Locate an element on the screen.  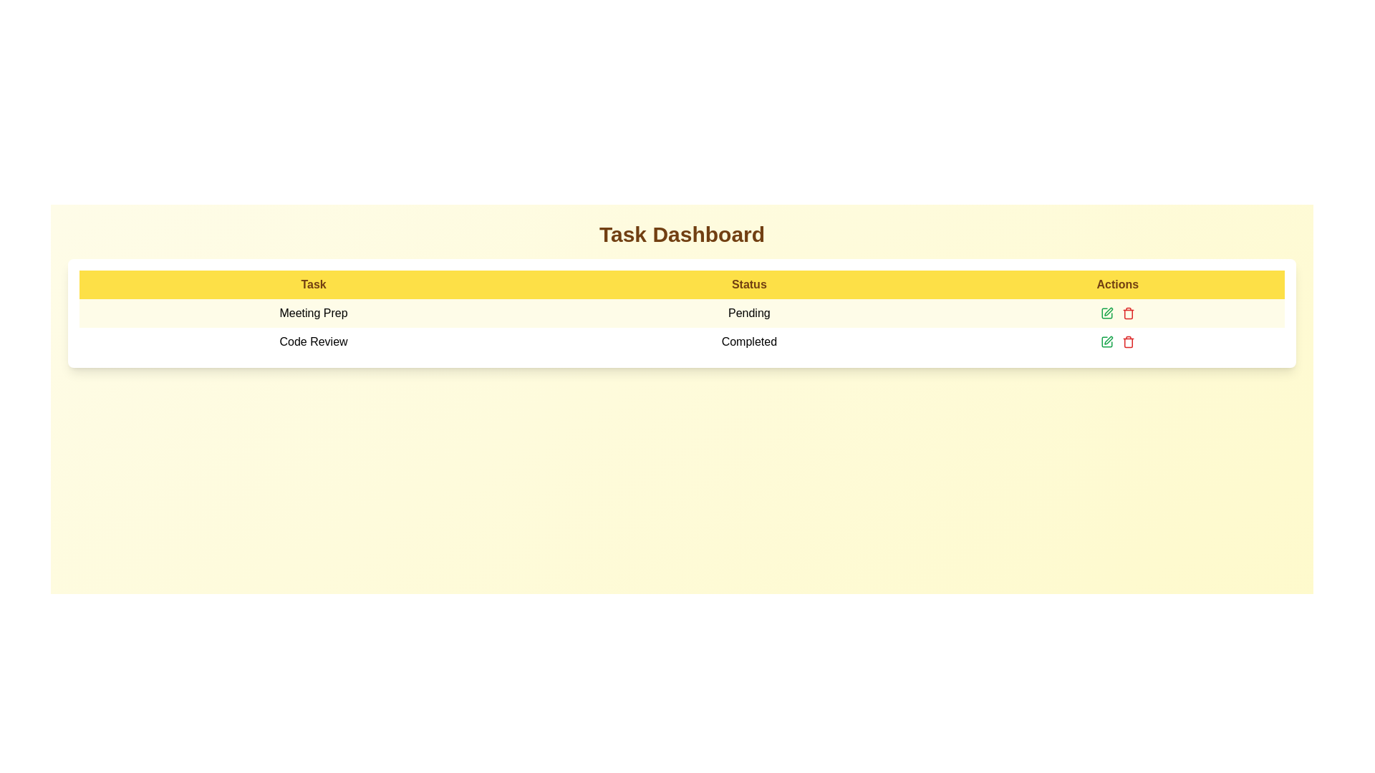
the green editing tool button in the 'Actions' column, located in the second row of the 'Code Review' task is located at coordinates (1106, 342).